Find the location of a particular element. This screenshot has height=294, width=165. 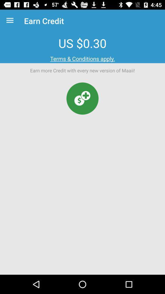

the item next to earn credit item is located at coordinates (11, 21).